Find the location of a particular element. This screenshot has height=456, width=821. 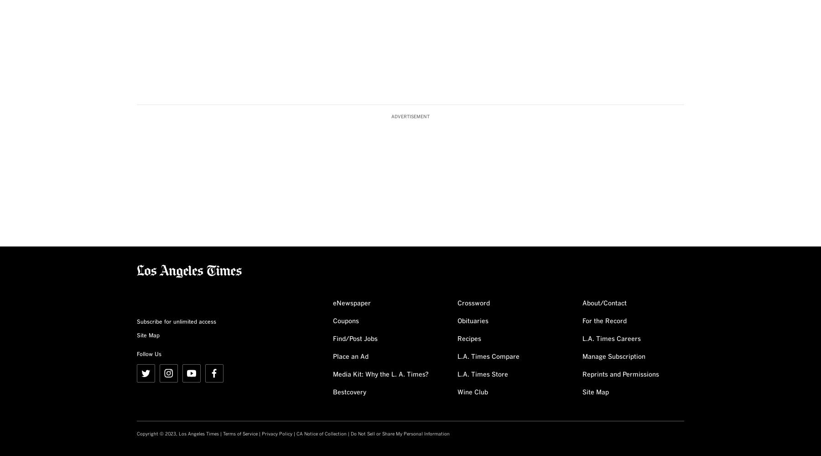

'Advertisement' is located at coordinates (410, 116).